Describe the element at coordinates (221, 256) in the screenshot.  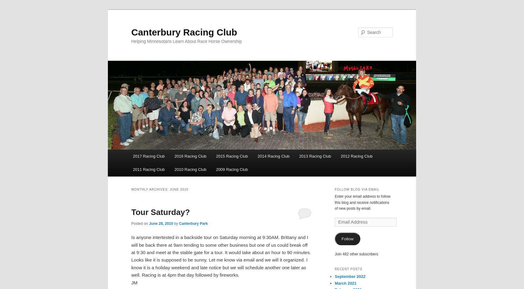
I see `'Is anyone intertested in a backside tour on Saturday morning at 9:30AM. Brittany and I will be back there at 9am tending to some other business but one of us could break off at 9:30 and meet at the stable gate for a tour. It would take about an hour to 90 minutes.  Looks like it is supposed to be sunny.  Let me know via email and we will it organized.  I know it is a holiday weekend and late notice but we will schedule another one later as well. Racing is at 4pm that day followed by fireworks.'` at that location.